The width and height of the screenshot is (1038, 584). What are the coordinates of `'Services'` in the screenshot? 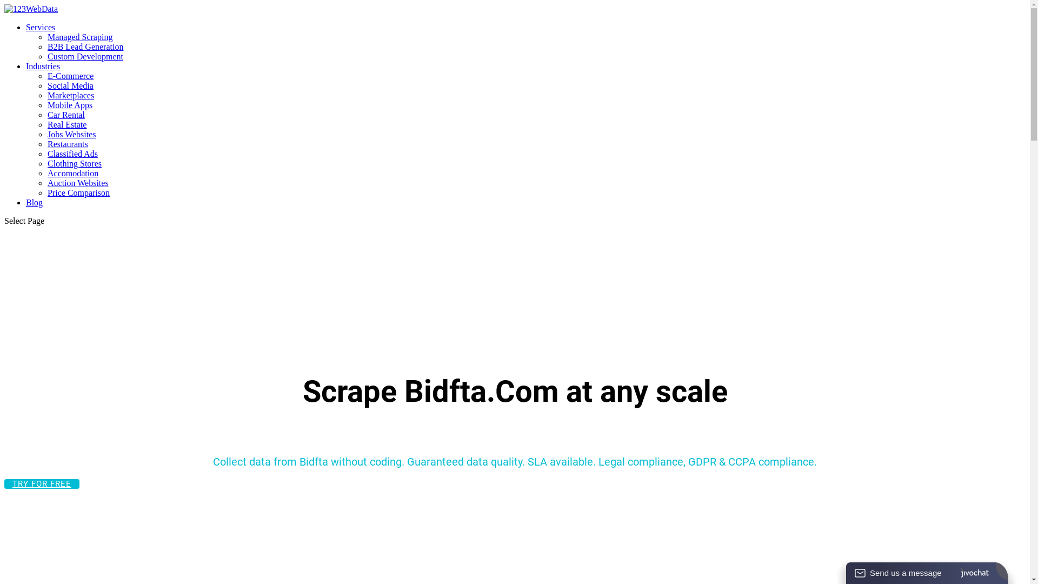 It's located at (41, 26).